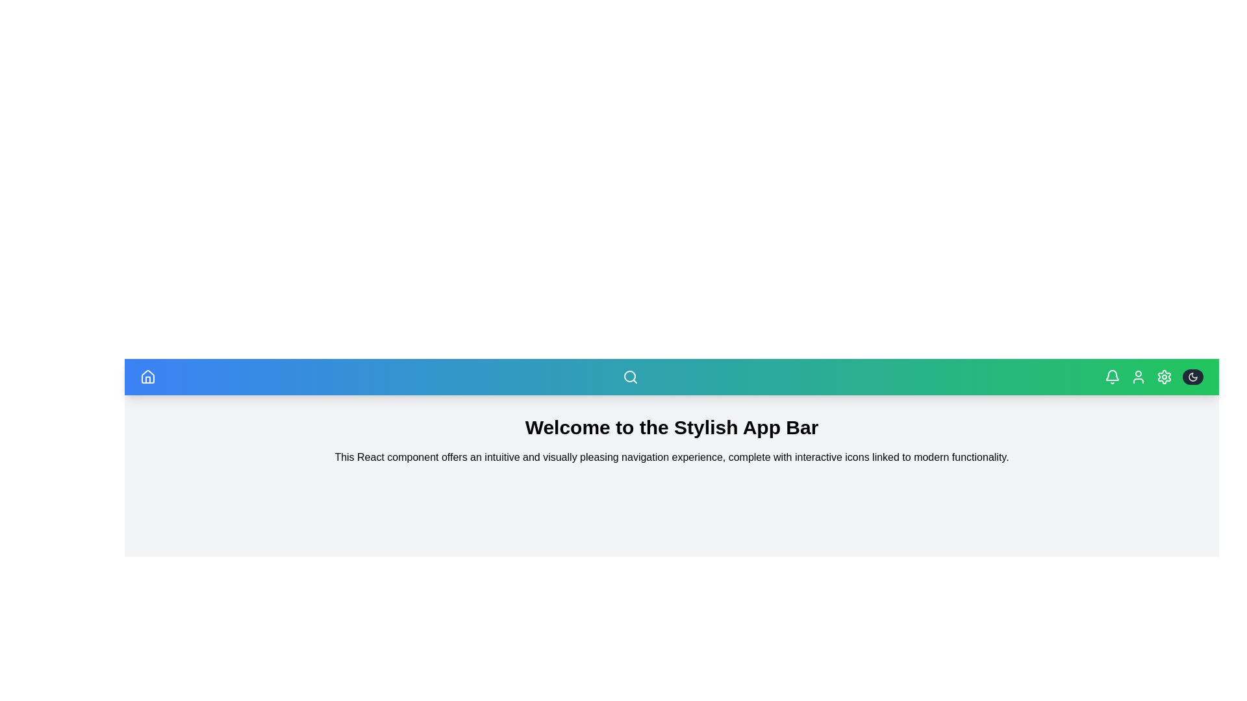  What do you see at coordinates (1193, 377) in the screenshot?
I see `the button with a Sun or Moon icon to toggle dark mode` at bounding box center [1193, 377].